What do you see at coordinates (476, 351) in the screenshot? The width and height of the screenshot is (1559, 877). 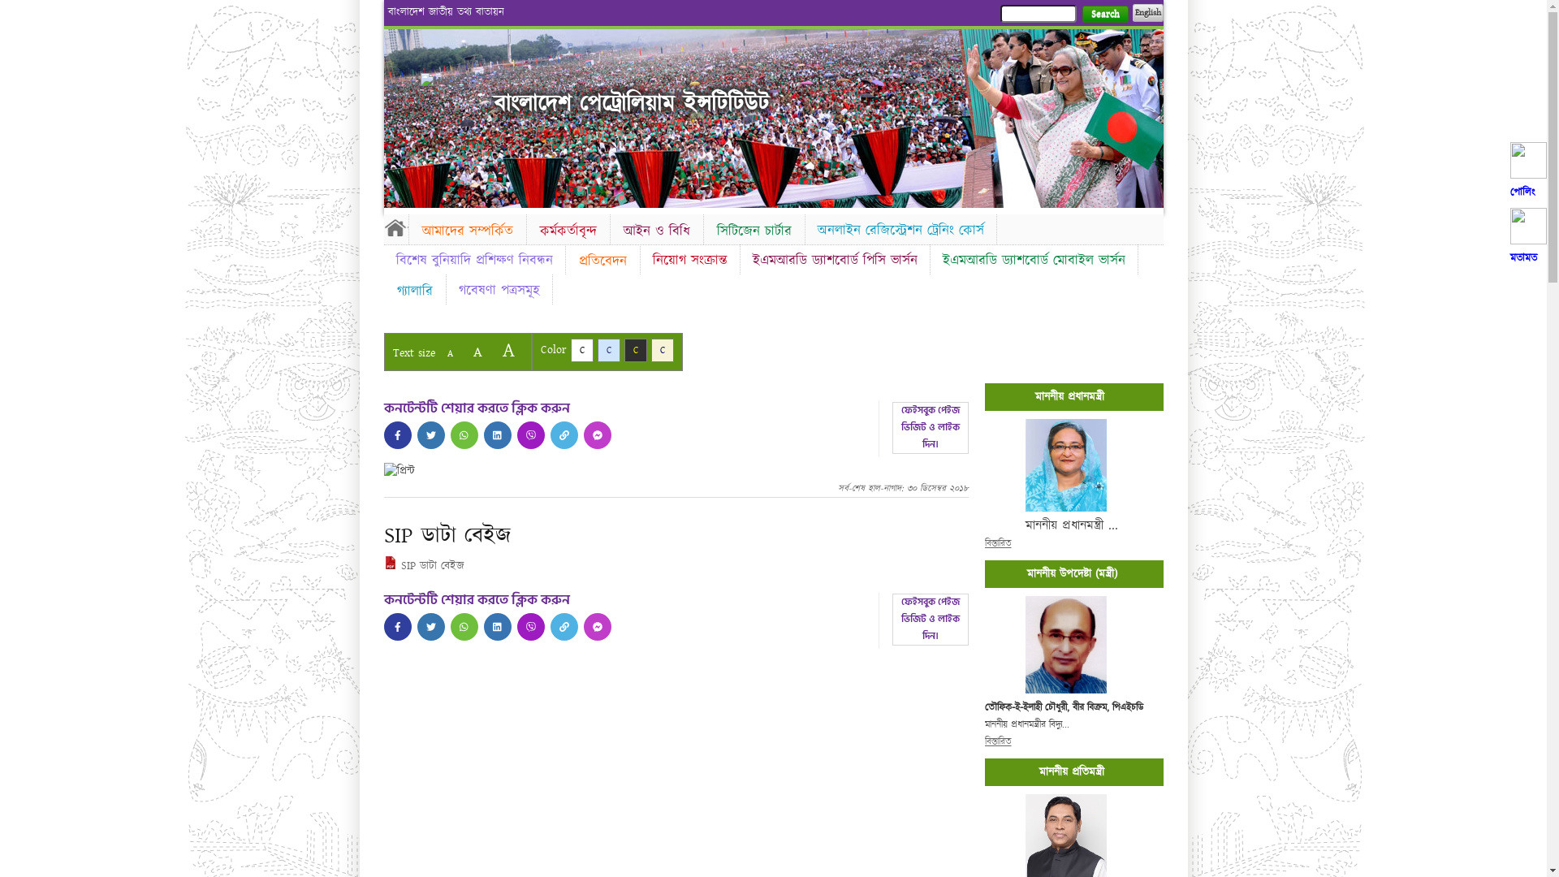 I see `'A'` at bounding box center [476, 351].